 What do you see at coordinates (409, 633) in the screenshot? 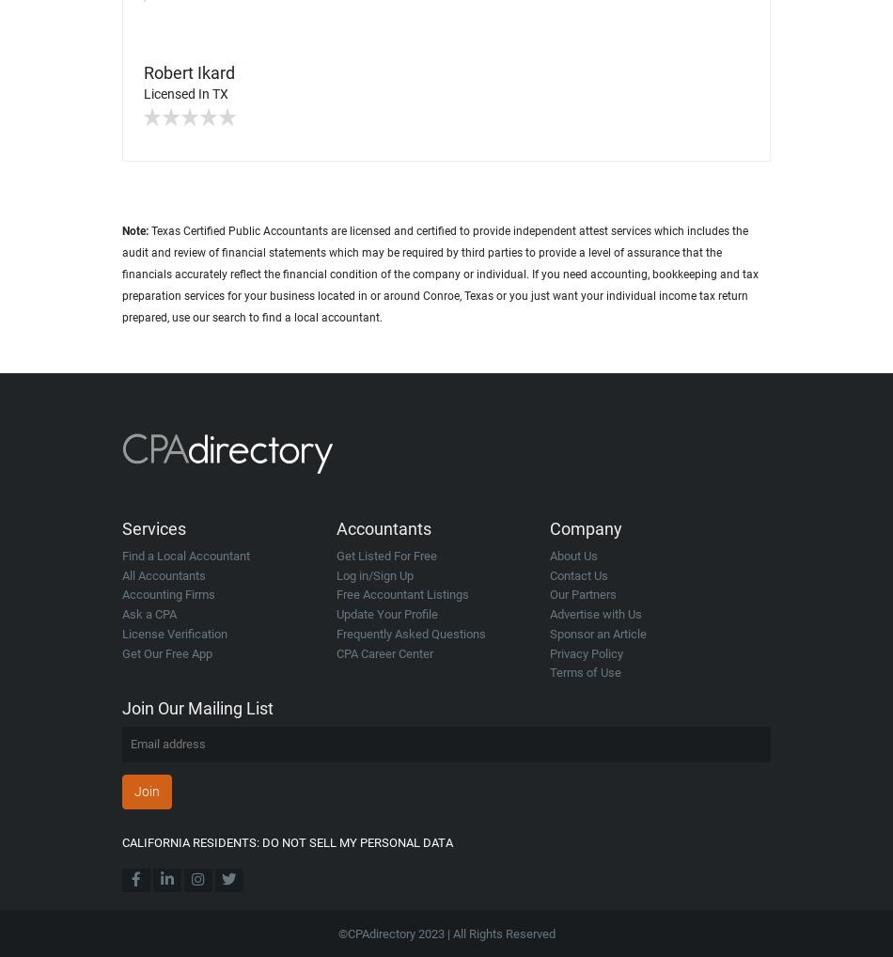
I see `'Frequently Asked Questions'` at bounding box center [409, 633].